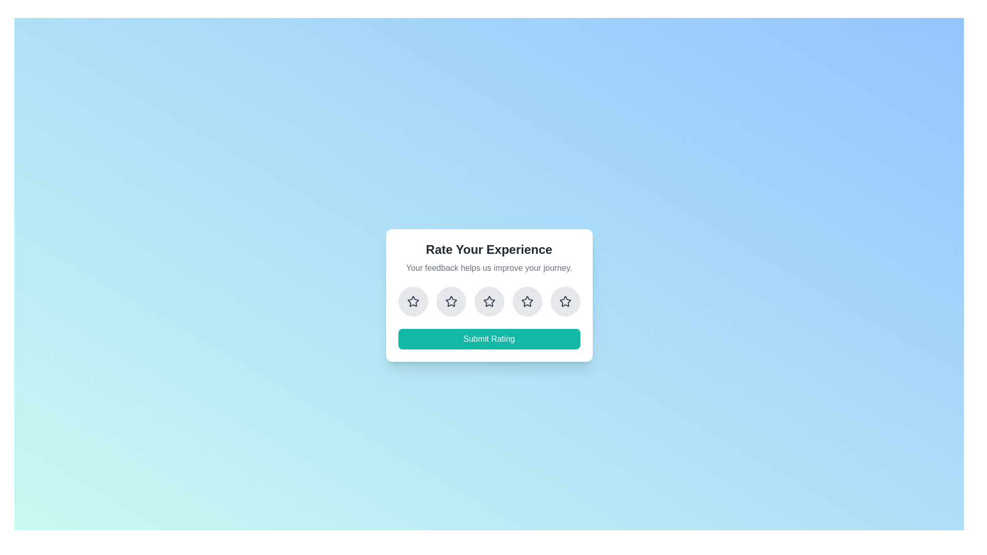  I want to click on the rating button corresponding to 4, so click(527, 301).